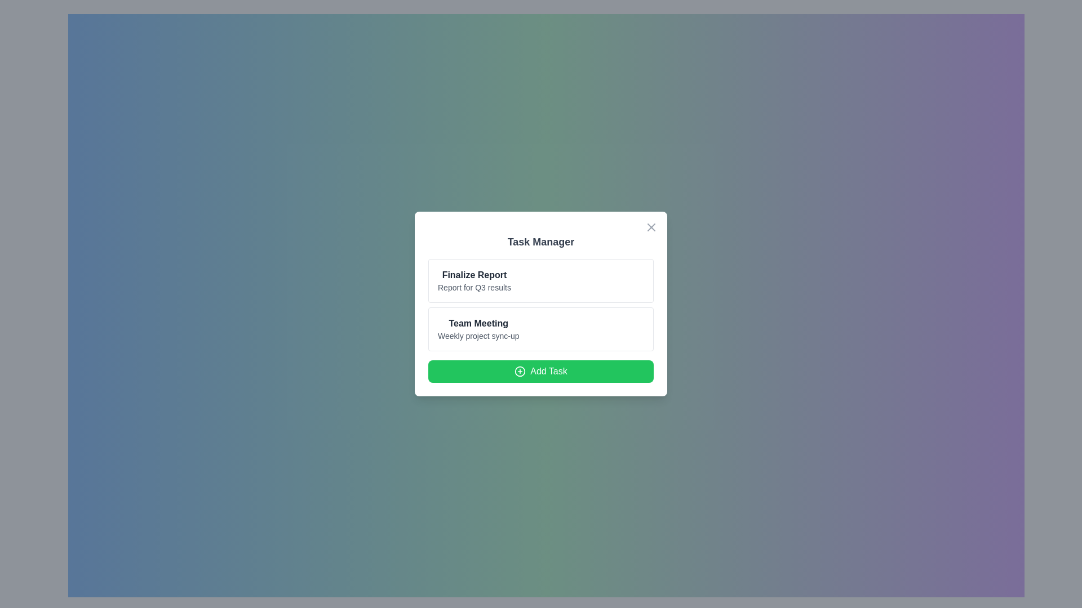 The width and height of the screenshot is (1082, 608). What do you see at coordinates (520, 371) in the screenshot?
I see `the icon within the green 'Add Task' button located at the bottom of the 'Task Manager' modal` at bounding box center [520, 371].